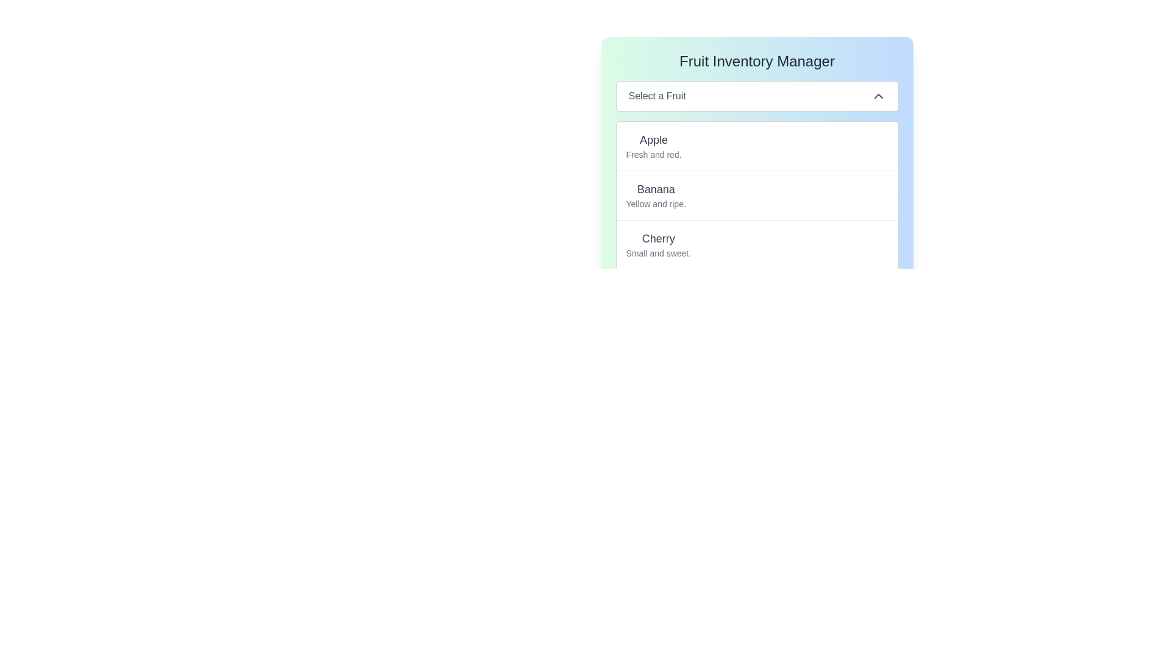  What do you see at coordinates (655, 189) in the screenshot?
I see `the 'Banana' text label in the 'Fruit Inventory Manager' interface, which is the second item under the 'Select a Fruit' header` at bounding box center [655, 189].